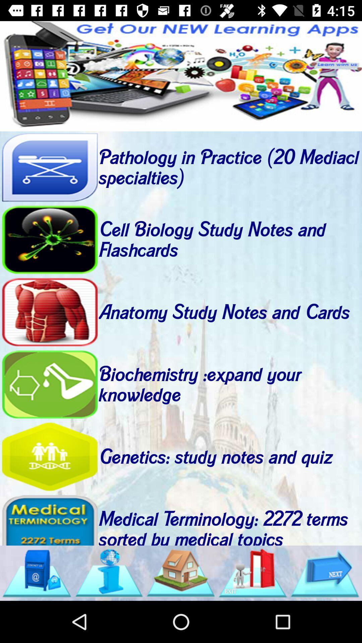  Describe the element at coordinates (49, 384) in the screenshot. I see `biochemistry` at that location.